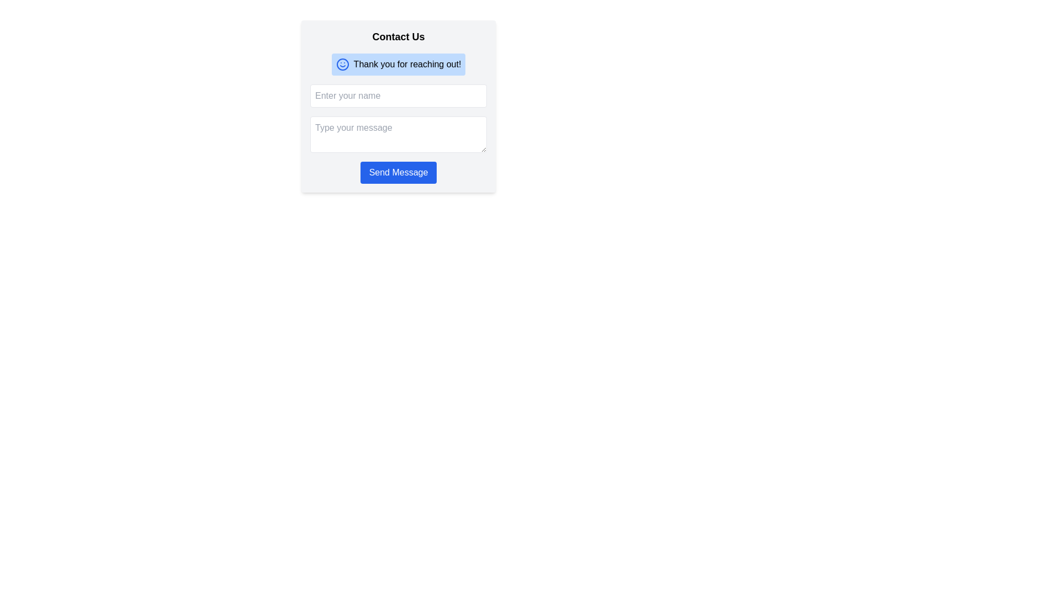  I want to click on the 'Send Message' button, which is a rectangular button with rounded corners, blue background, and white text, located below the input fields, so click(397, 172).